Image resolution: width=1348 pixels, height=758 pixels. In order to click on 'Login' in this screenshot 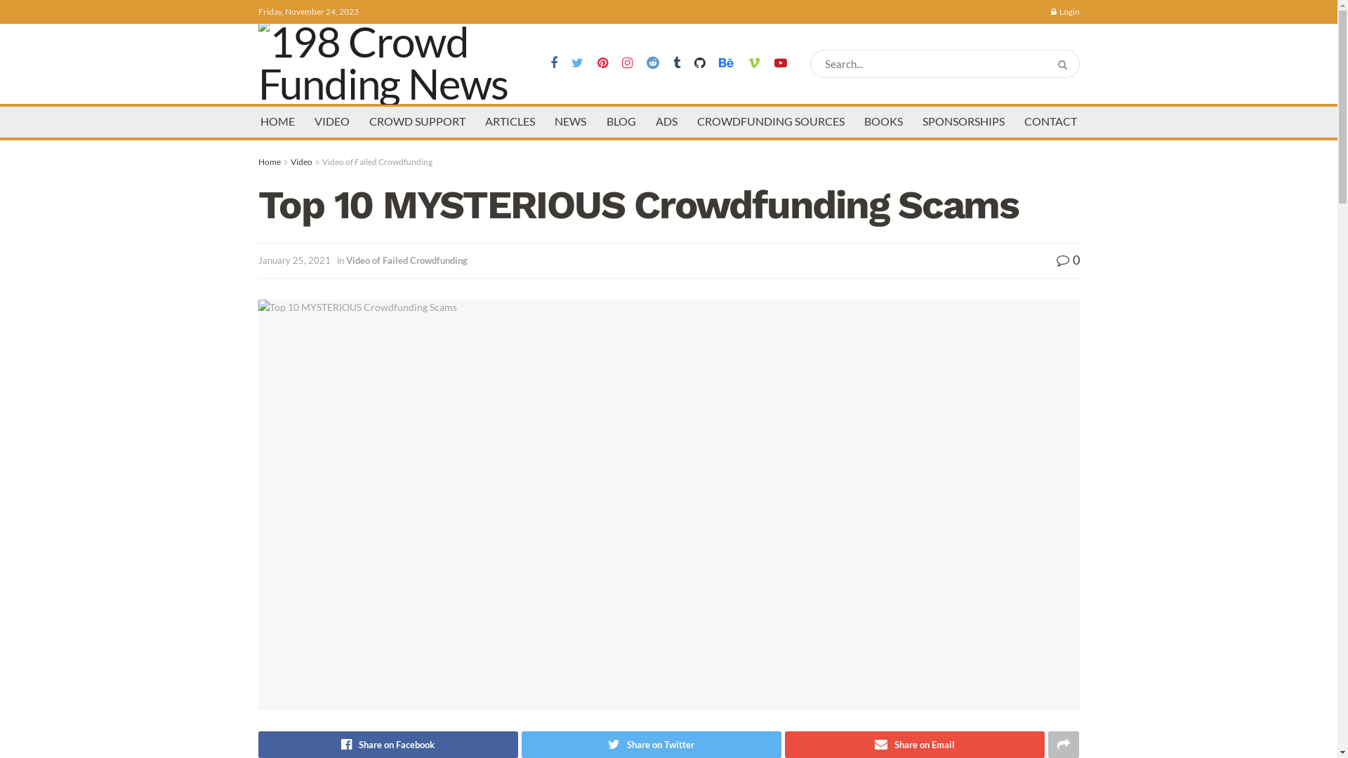, I will do `click(1064, 11)`.